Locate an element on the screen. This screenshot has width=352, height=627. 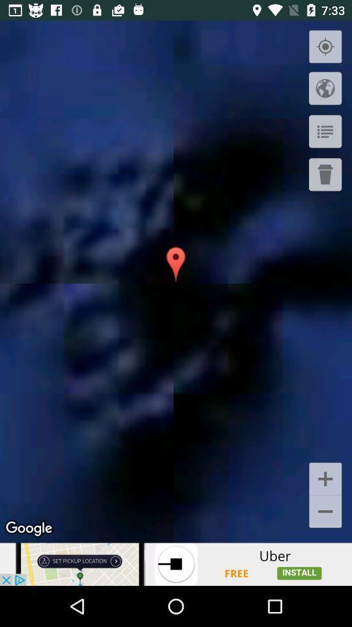
the globe icon is located at coordinates (325, 88).